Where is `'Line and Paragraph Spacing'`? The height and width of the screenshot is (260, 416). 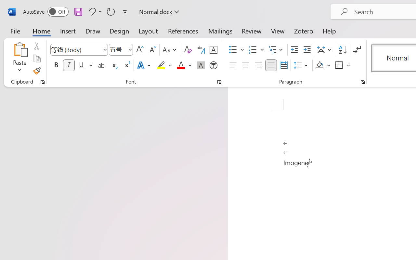 'Line and Paragraph Spacing' is located at coordinates (301, 65).